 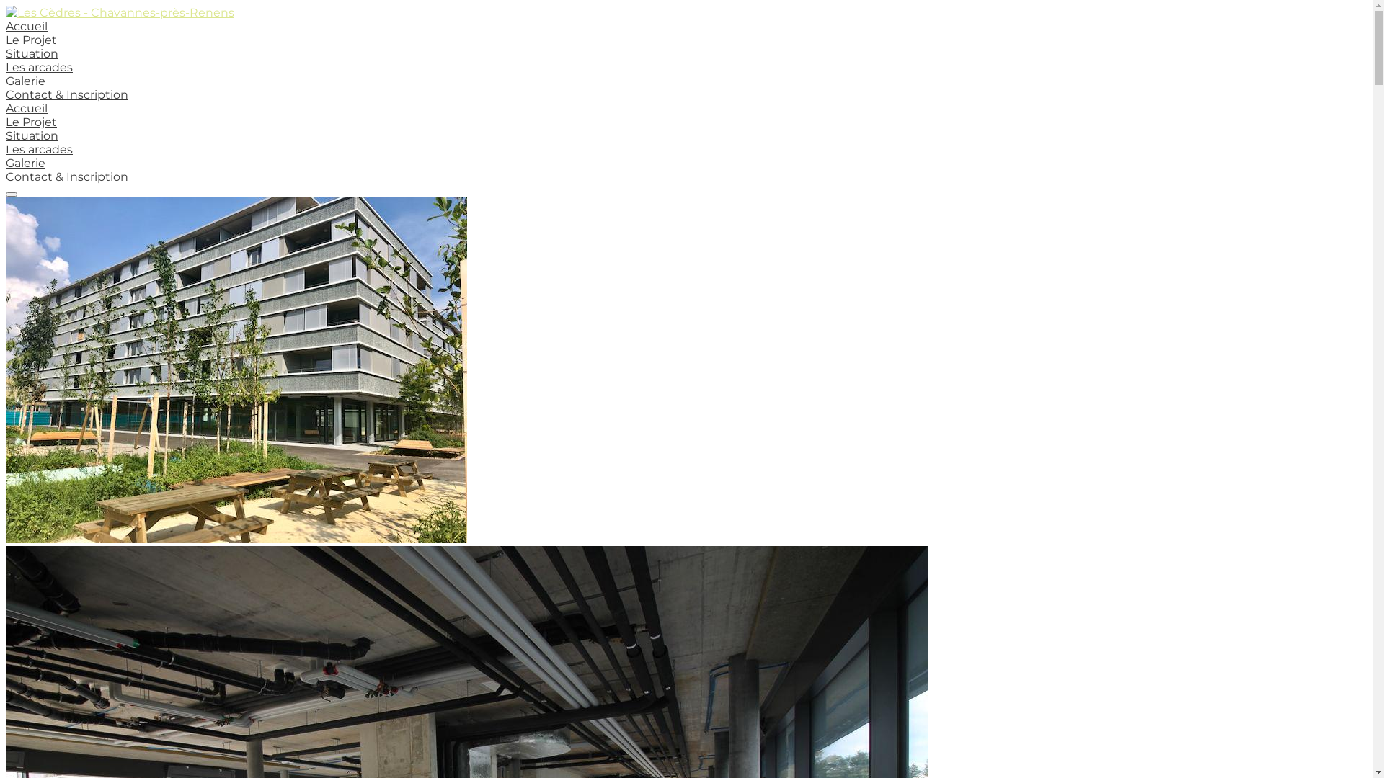 What do you see at coordinates (25, 162) in the screenshot?
I see `'Galerie'` at bounding box center [25, 162].